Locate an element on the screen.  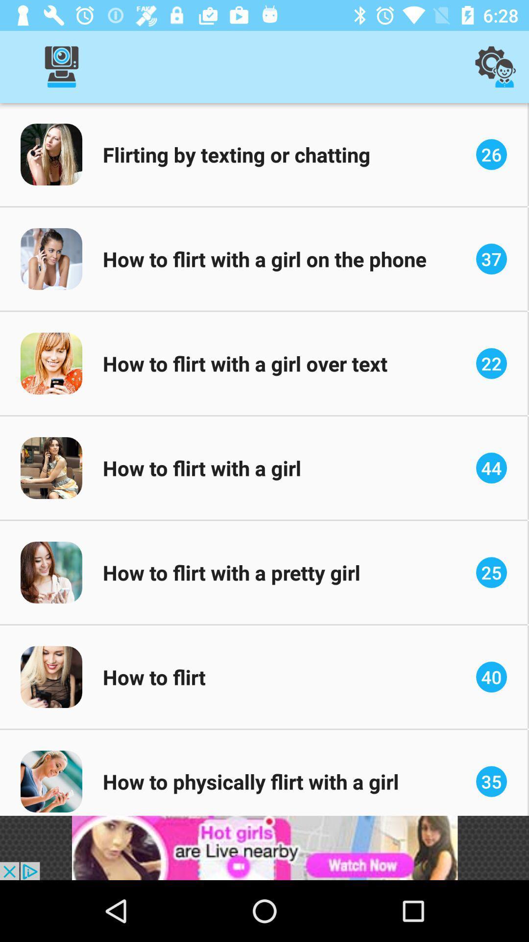
bottom left image is located at coordinates (51, 781).